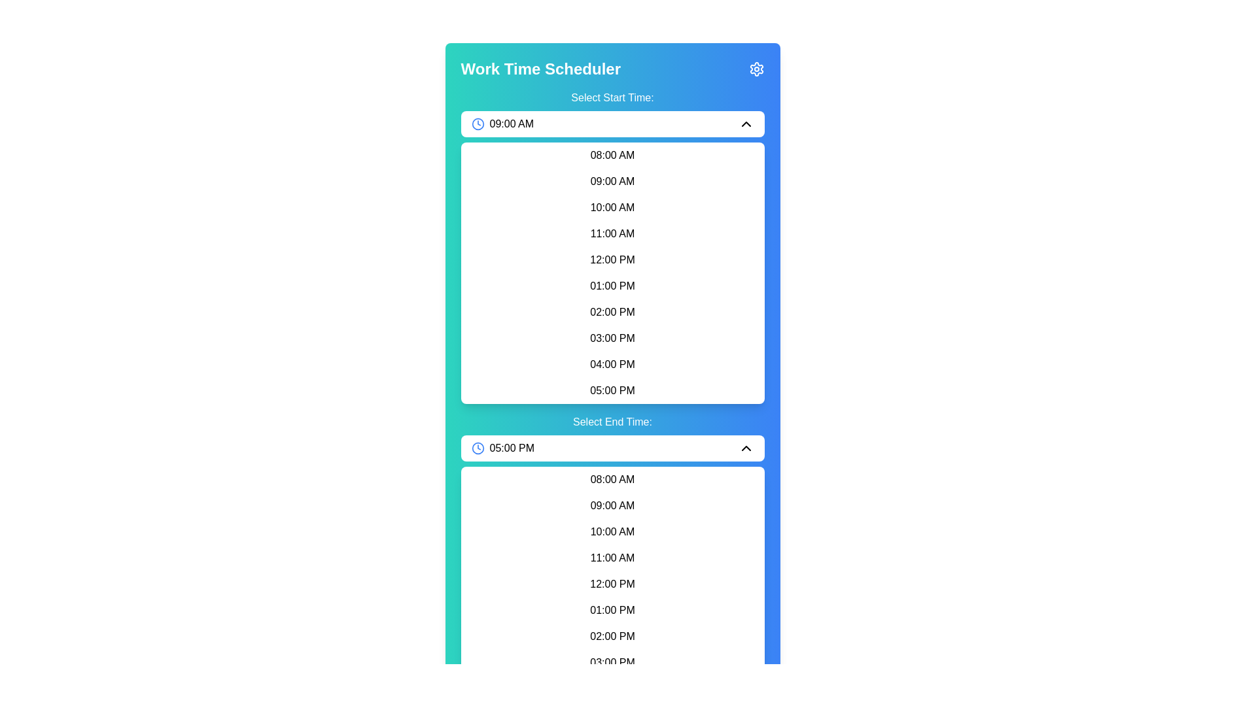 This screenshot has width=1256, height=706. I want to click on the 6th selectable time option in the dropdown for choosing an end time, located below the 'Select End Time' label, between '12:00 PM' and '02:00 PM', so click(612, 610).